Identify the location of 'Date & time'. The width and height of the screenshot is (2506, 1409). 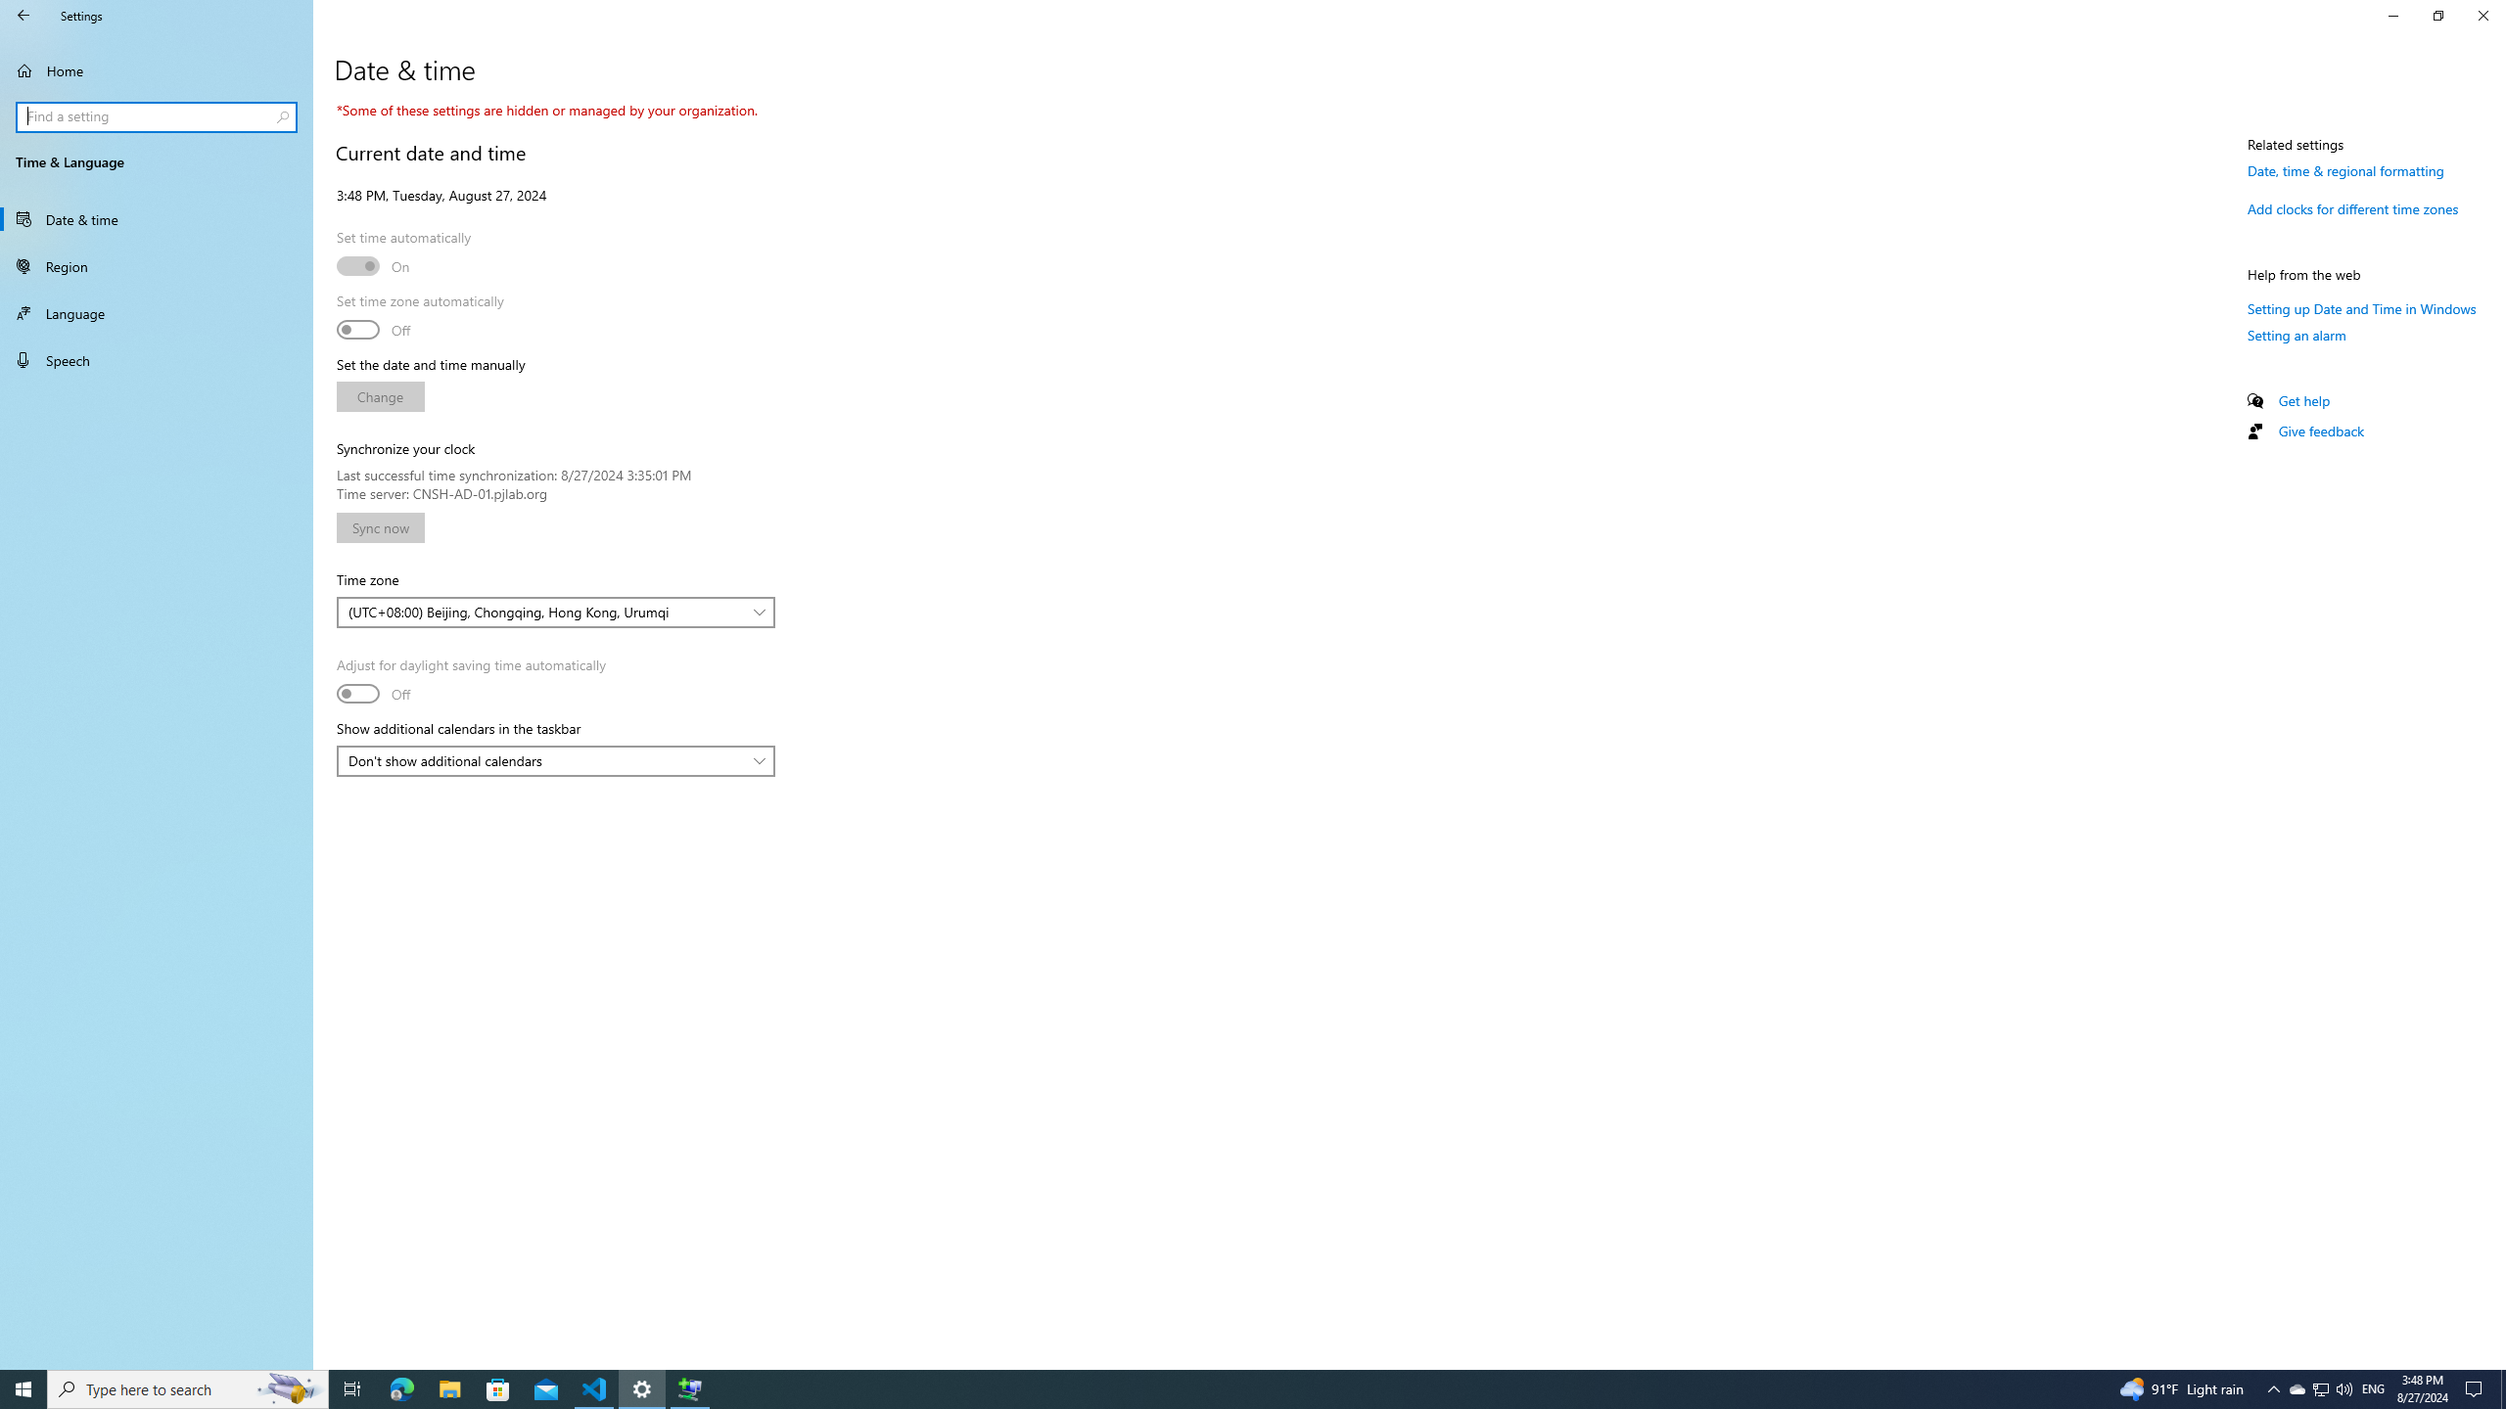
(156, 217).